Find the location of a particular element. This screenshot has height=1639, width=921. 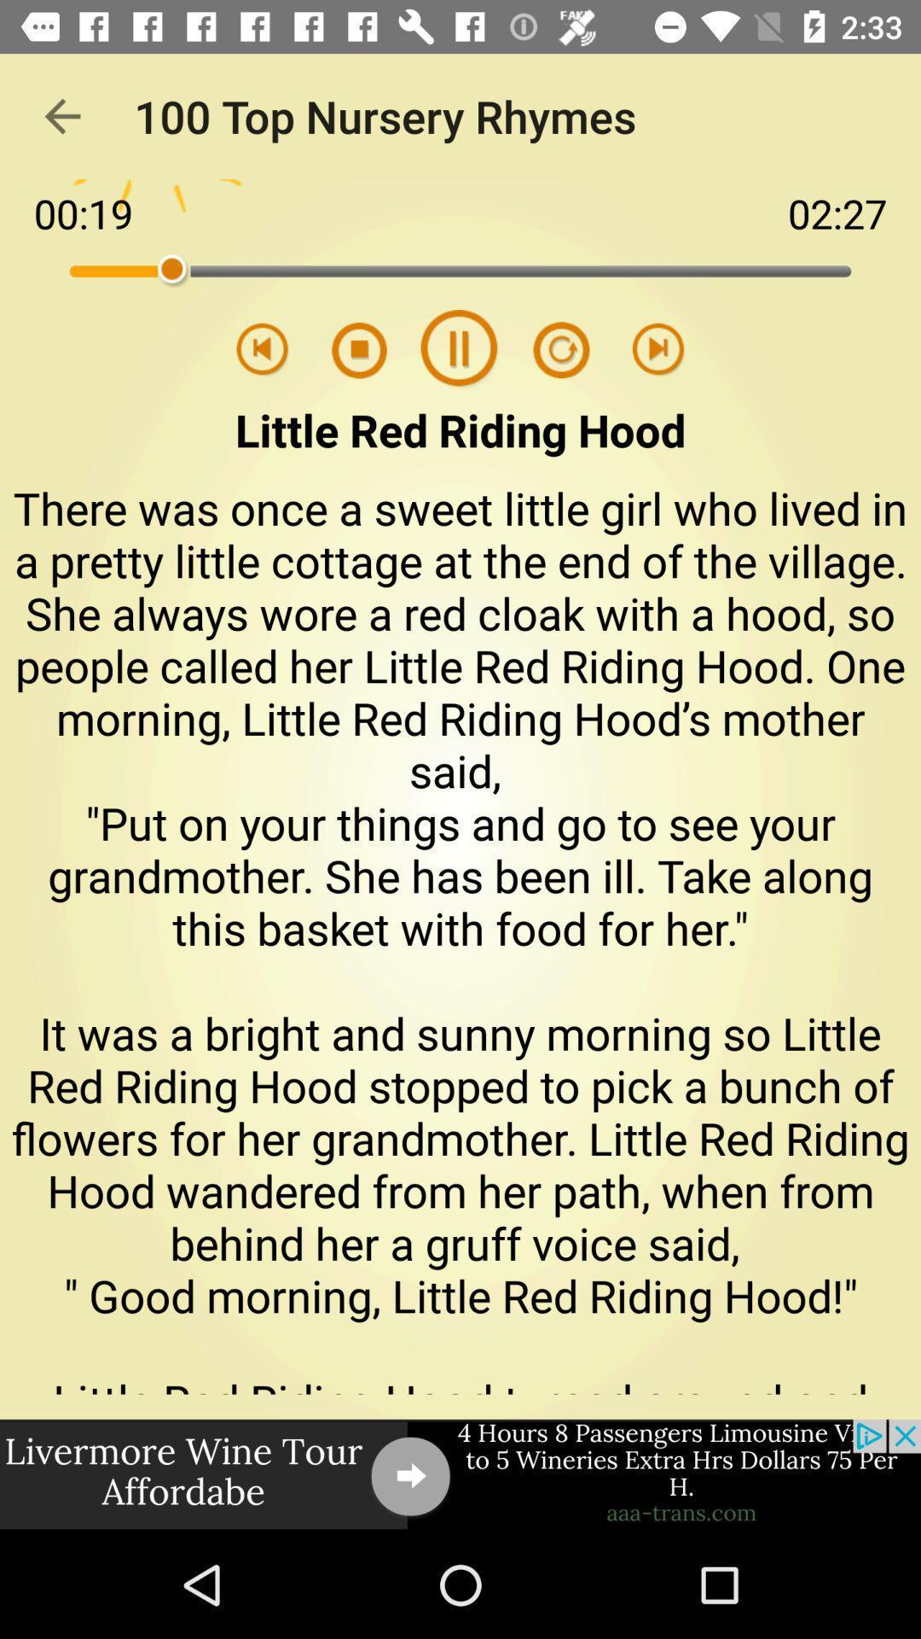

hood papaattern is located at coordinates (550, 349).